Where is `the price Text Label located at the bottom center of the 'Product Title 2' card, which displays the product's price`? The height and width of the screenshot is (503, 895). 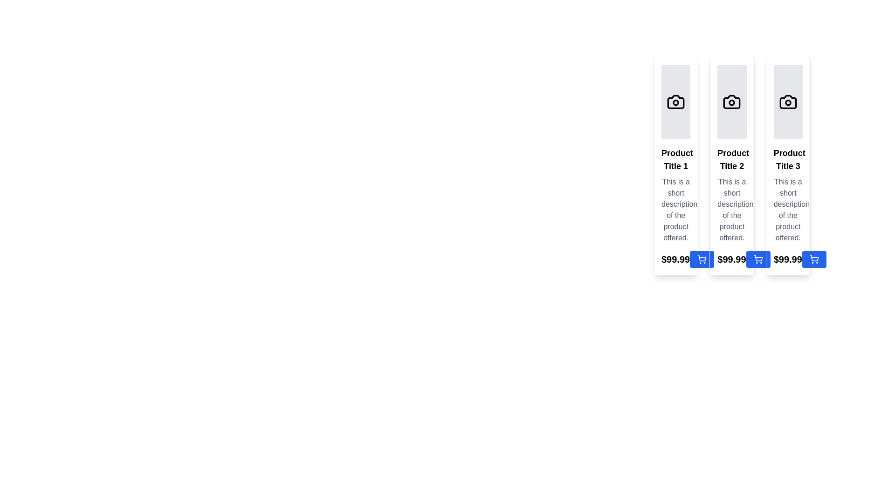 the price Text Label located at the bottom center of the 'Product Title 2' card, which displays the product's price is located at coordinates (731, 259).